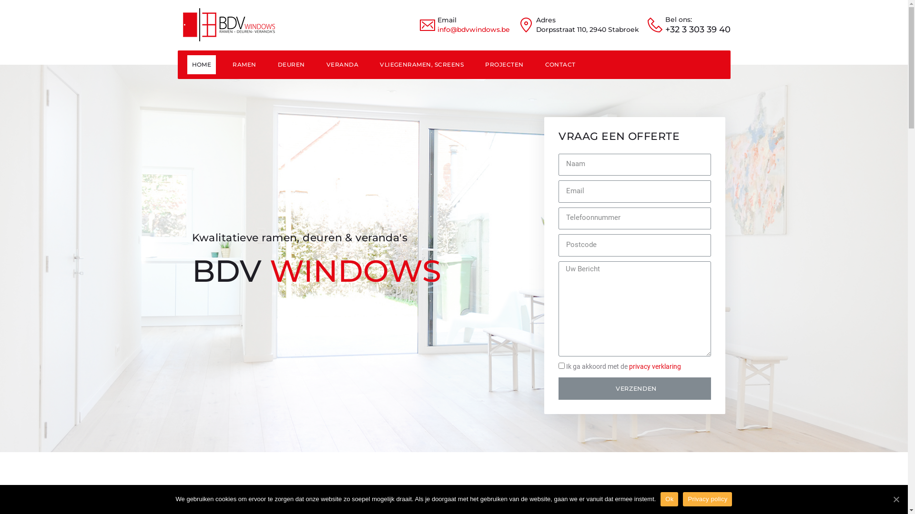  Describe the element at coordinates (437, 29) in the screenshot. I see `'info@bdvwindows.be'` at that location.